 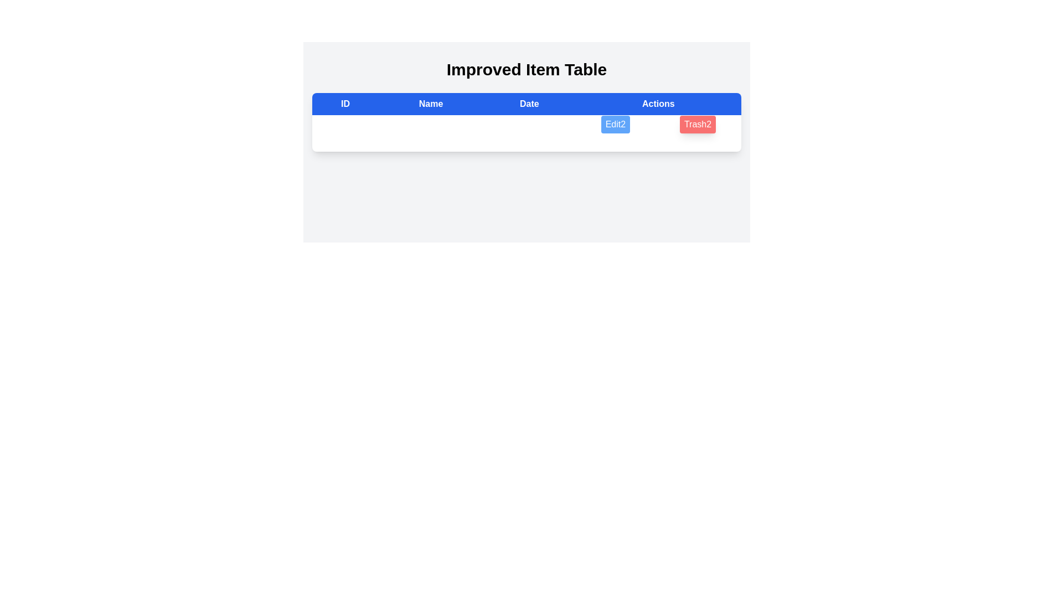 What do you see at coordinates (696, 124) in the screenshot?
I see `the 'Trash' button to delete the corresponding row` at bounding box center [696, 124].